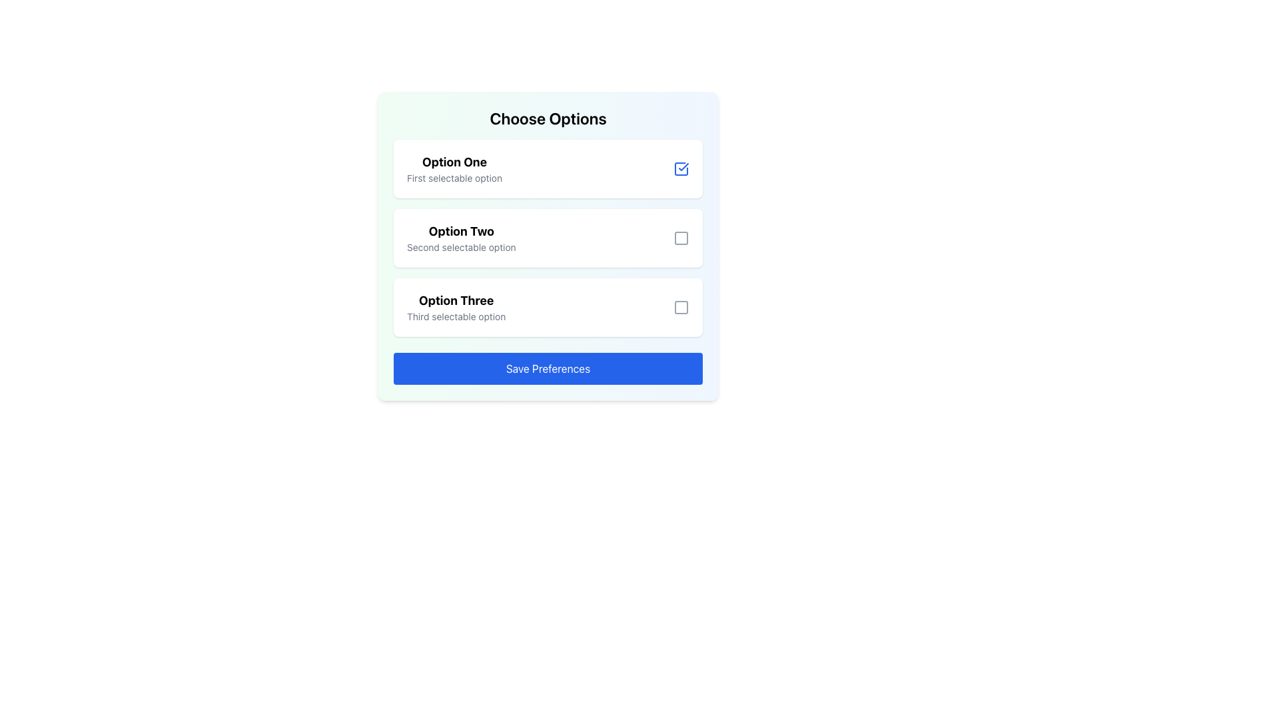  What do you see at coordinates (681, 168) in the screenshot?
I see `the selection indicator icon for 'Option One', which shows that this option is currently selected` at bounding box center [681, 168].